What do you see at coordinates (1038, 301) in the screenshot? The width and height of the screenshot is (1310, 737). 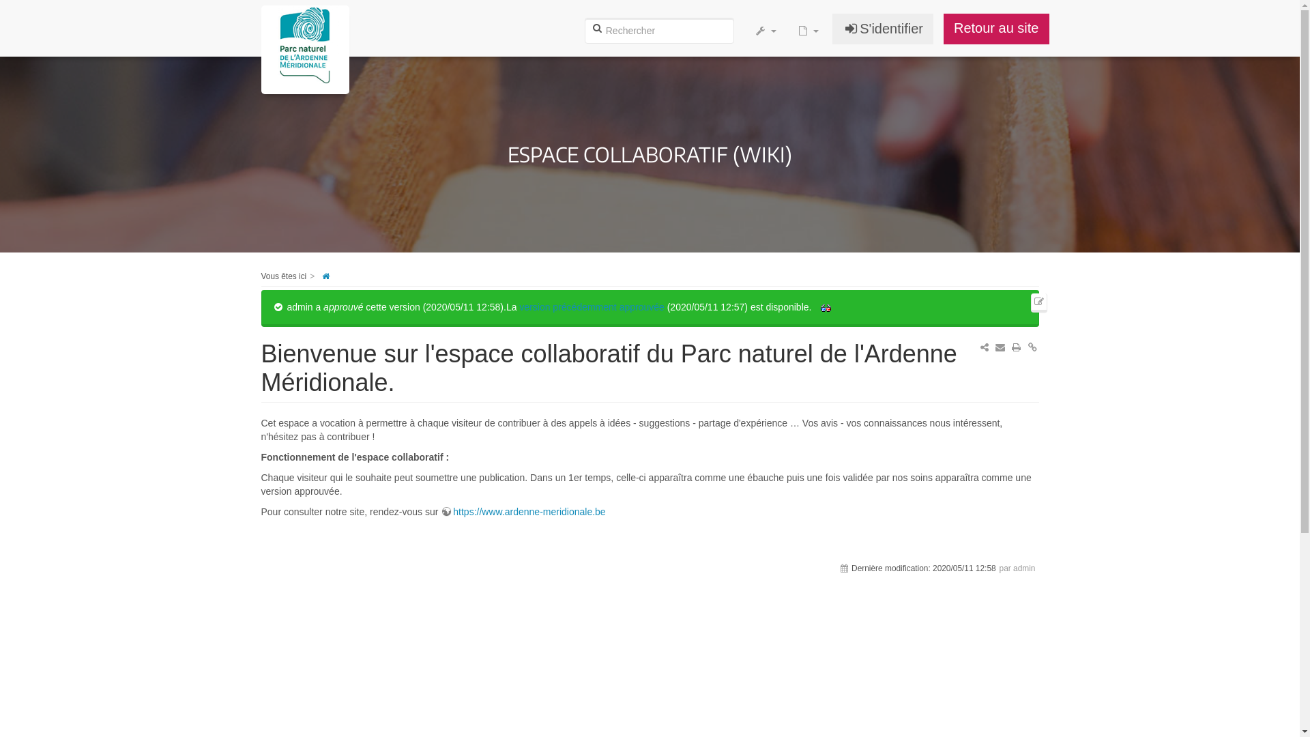 I see `'Modifier cette page'` at bounding box center [1038, 301].